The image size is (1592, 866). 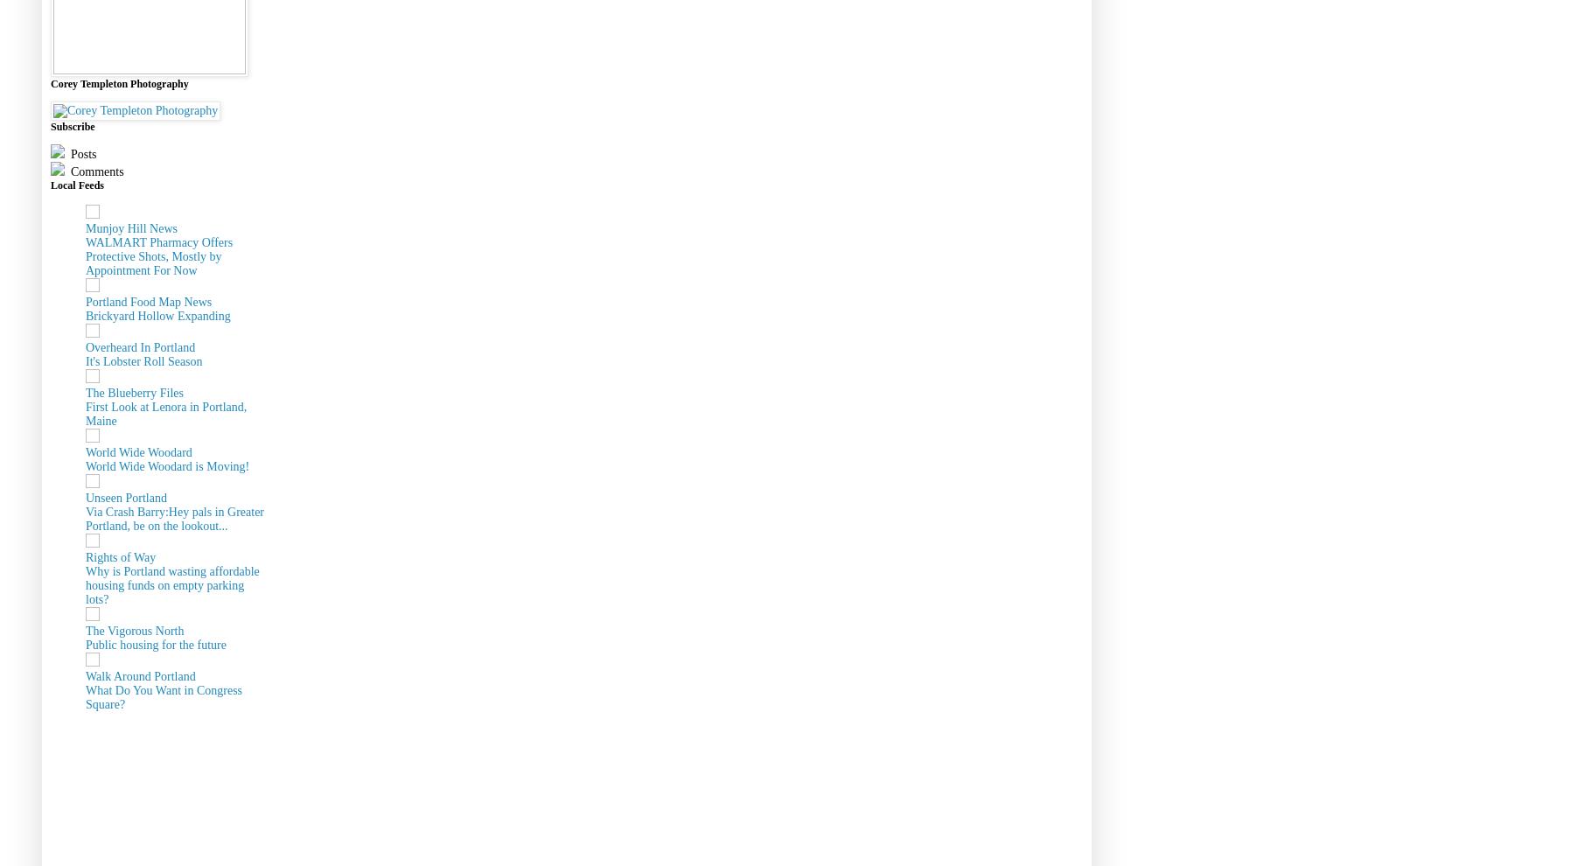 I want to click on 'The Blueberry Files', so click(x=85, y=392).